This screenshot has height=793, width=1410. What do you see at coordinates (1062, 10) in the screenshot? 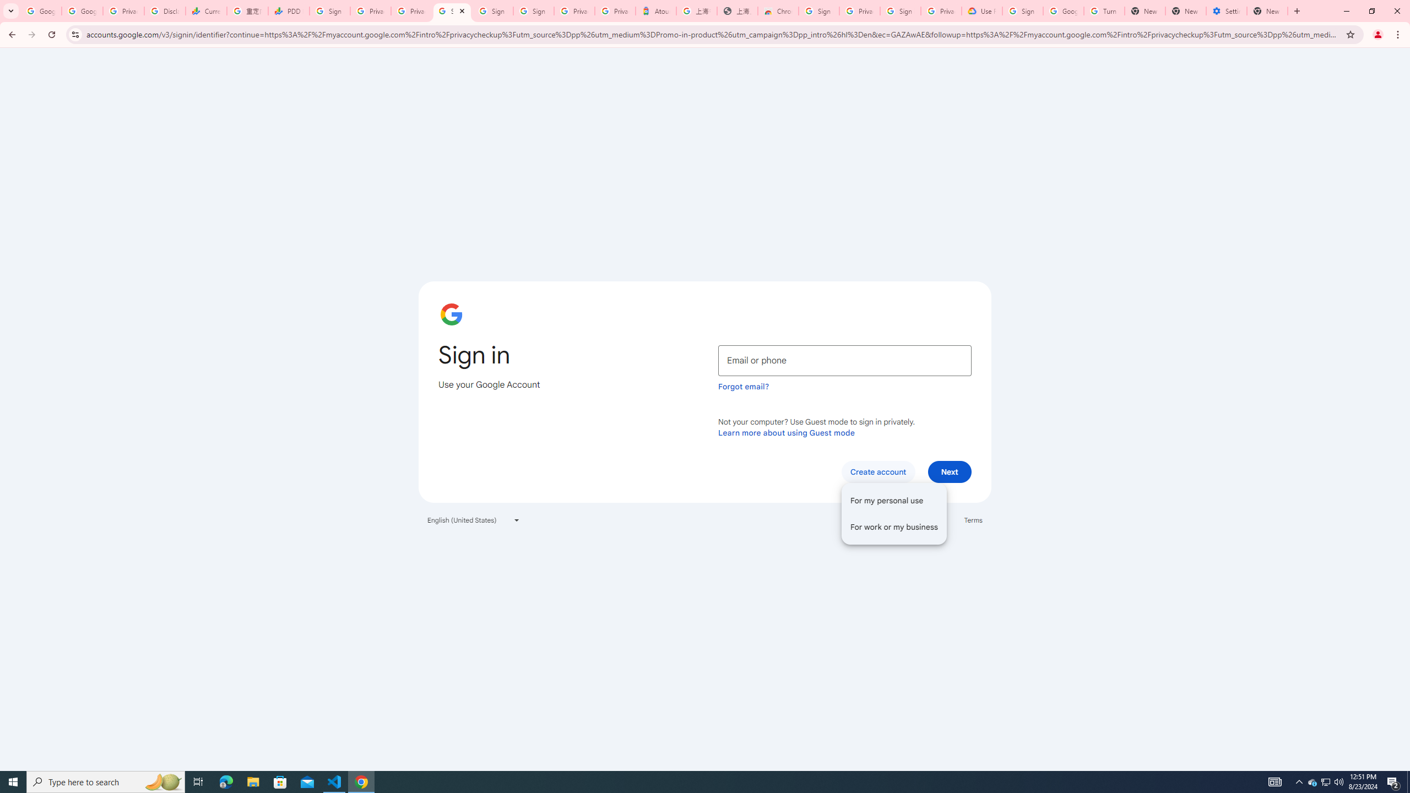
I see `'Google Account Help'` at bounding box center [1062, 10].